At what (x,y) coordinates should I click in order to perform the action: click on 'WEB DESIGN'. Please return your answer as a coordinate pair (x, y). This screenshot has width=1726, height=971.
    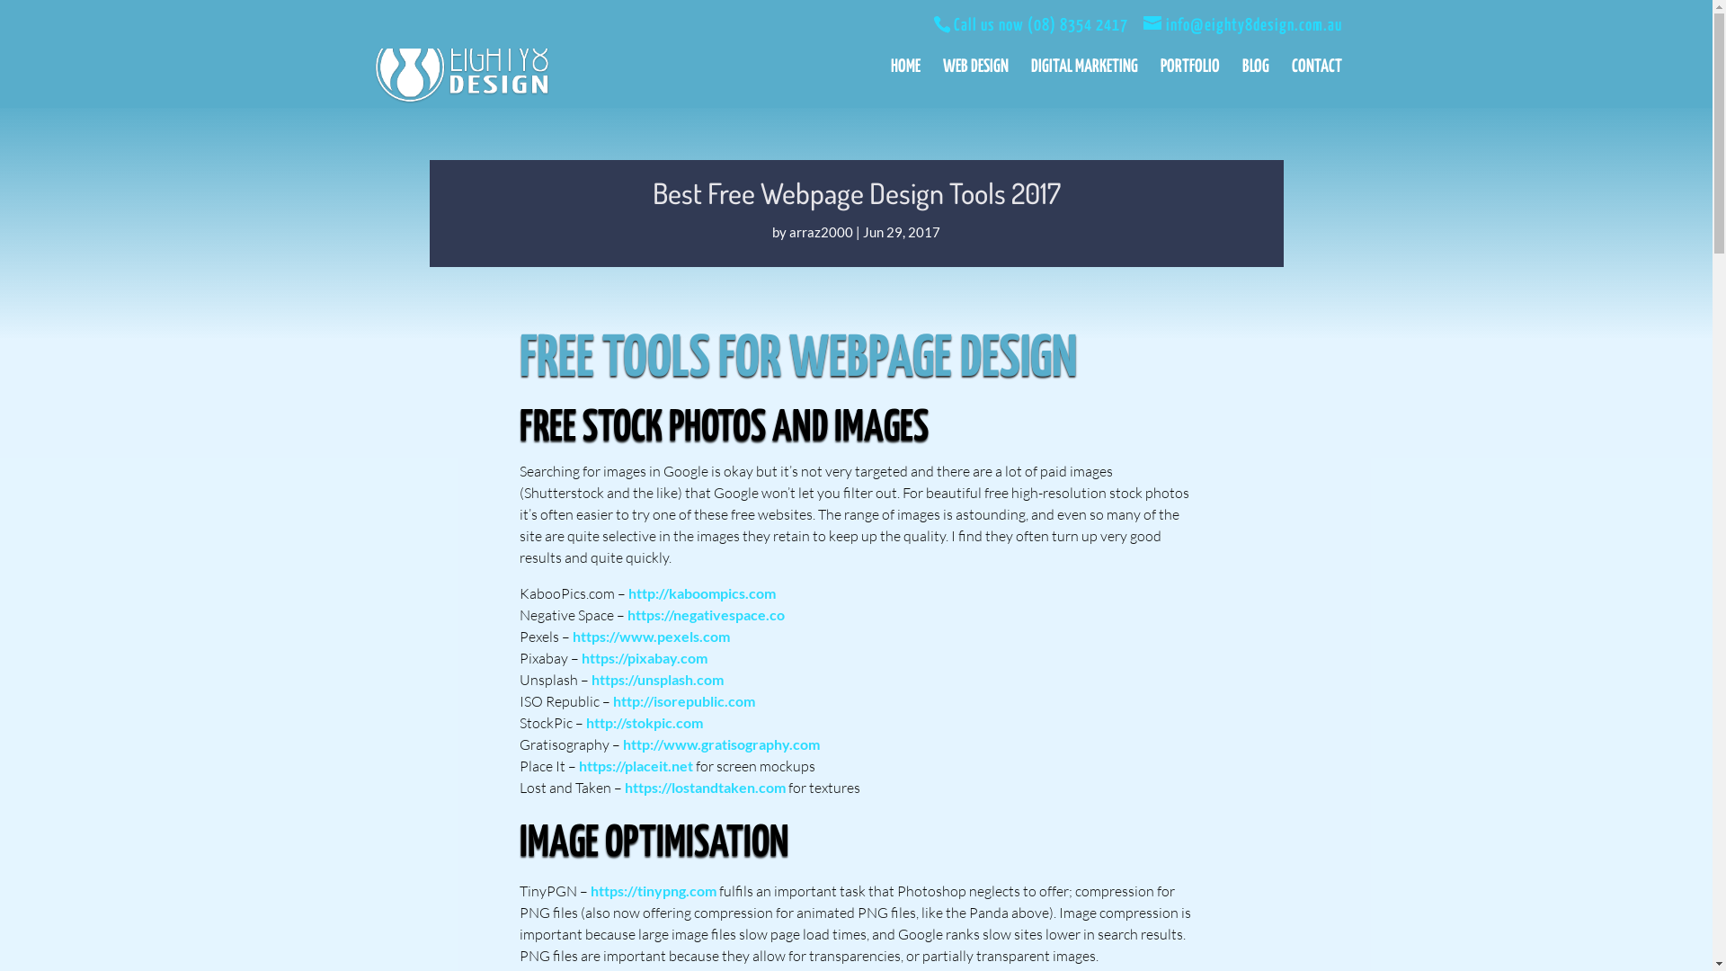
    Looking at the image, I should click on (974, 84).